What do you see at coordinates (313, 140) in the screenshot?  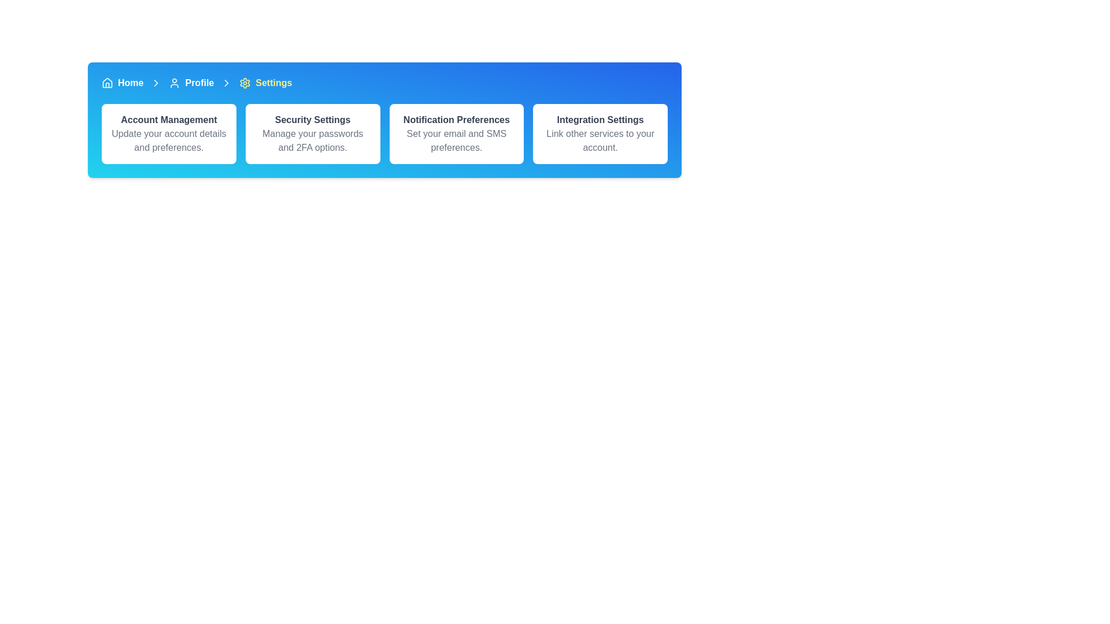 I see `the text block element that reads 'Manage your passwords and 2FA options.' located below the 'Security Settings' header in a gray color and smaller font size` at bounding box center [313, 140].